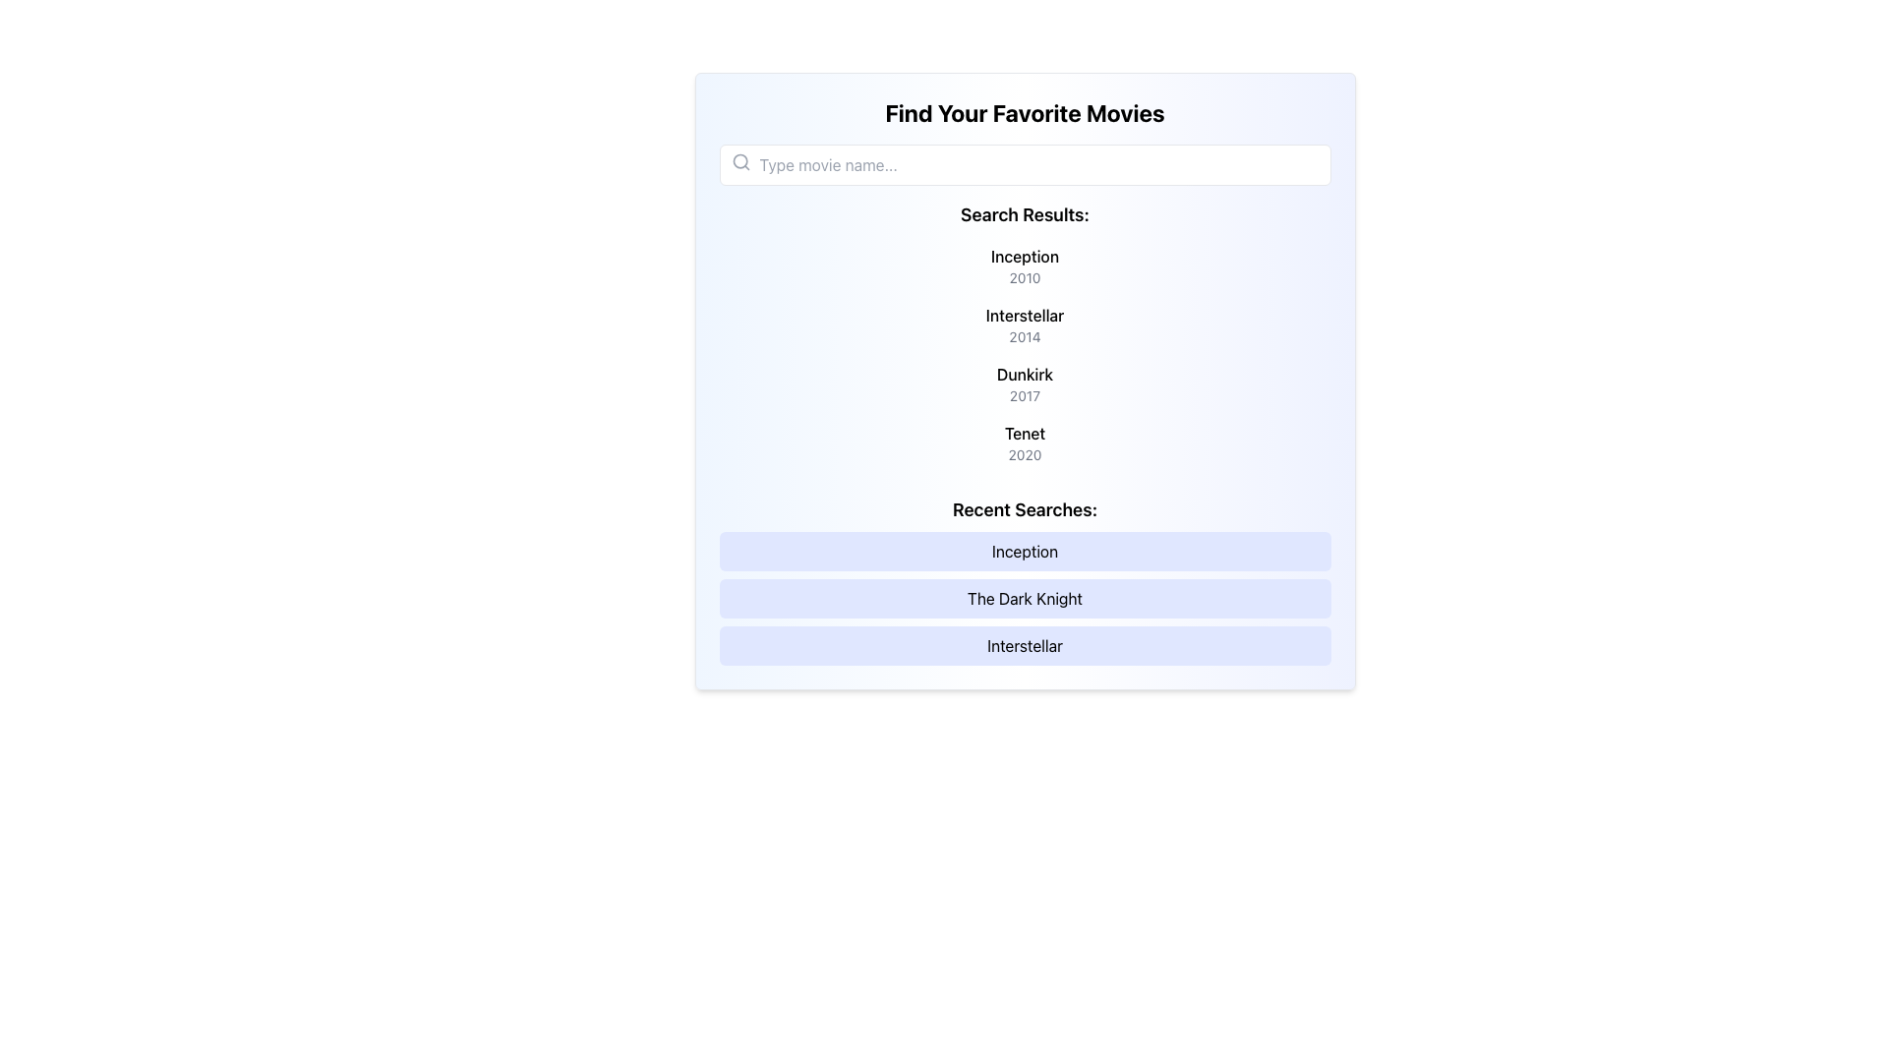 The height and width of the screenshot is (1062, 1888). Describe the element at coordinates (1024, 645) in the screenshot. I see `the button displaying the previously searched term 'Interstellar' to revisit the search results` at that location.